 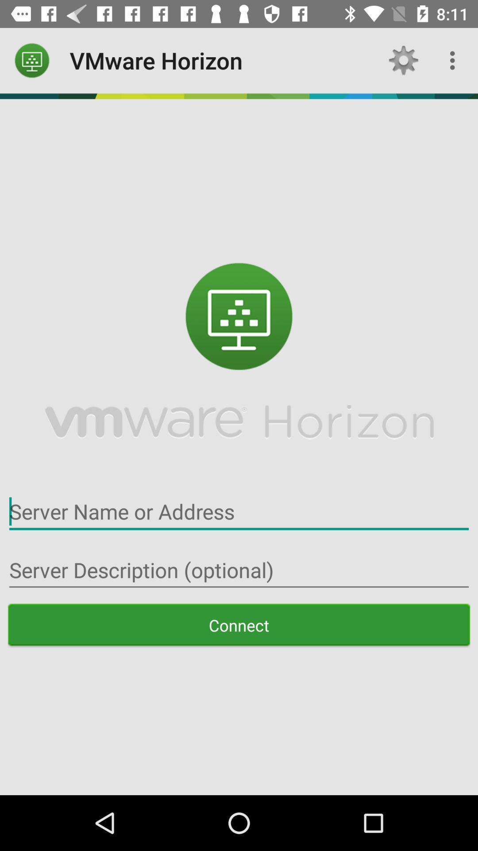 I want to click on input server name or address, so click(x=239, y=512).